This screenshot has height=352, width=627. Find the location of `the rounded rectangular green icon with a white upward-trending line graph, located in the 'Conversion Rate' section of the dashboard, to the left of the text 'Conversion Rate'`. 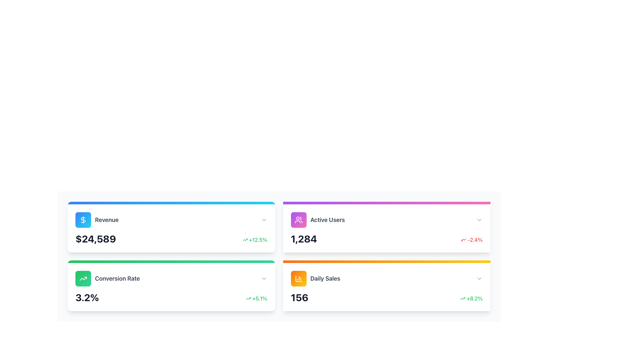

the rounded rectangular green icon with a white upward-trending line graph, located in the 'Conversion Rate' section of the dashboard, to the left of the text 'Conversion Rate' is located at coordinates (83, 279).